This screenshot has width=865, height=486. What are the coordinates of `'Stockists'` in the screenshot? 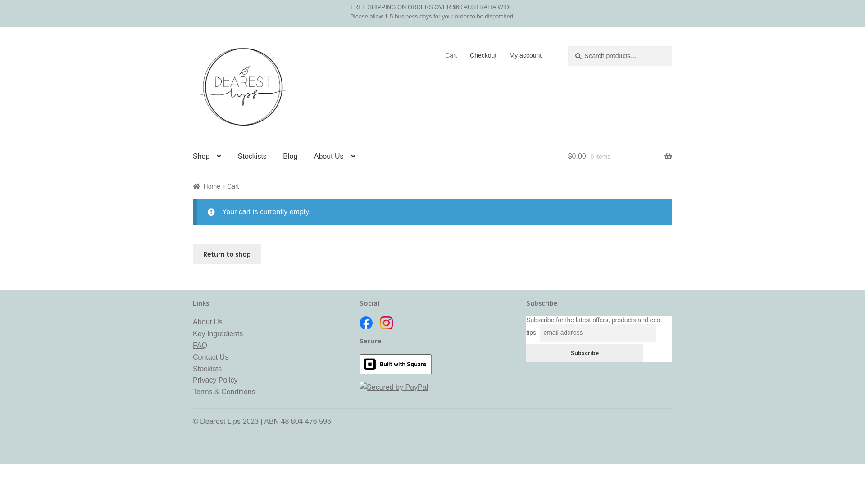 It's located at (252, 156).